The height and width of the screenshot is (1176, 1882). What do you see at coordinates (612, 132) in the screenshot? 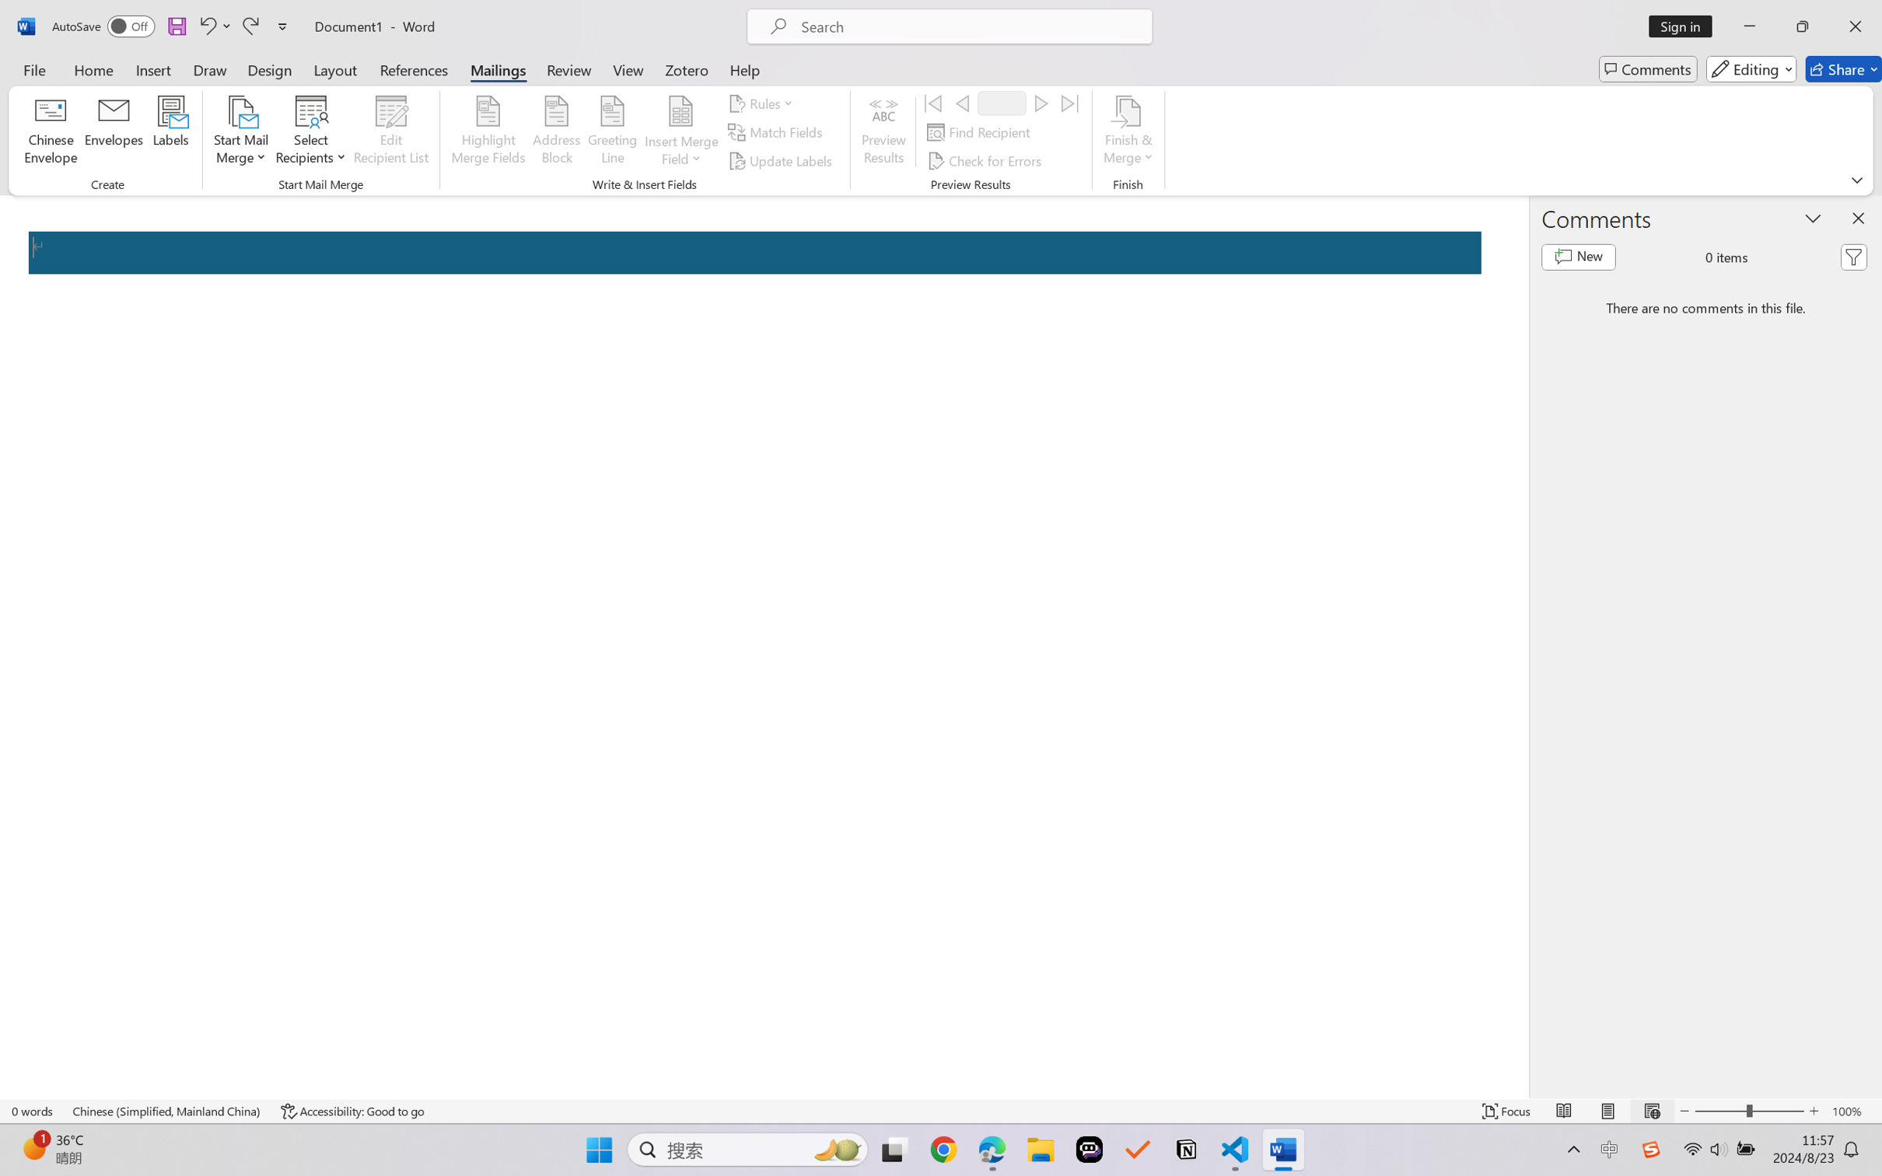
I see `'Greeting Line...'` at bounding box center [612, 132].